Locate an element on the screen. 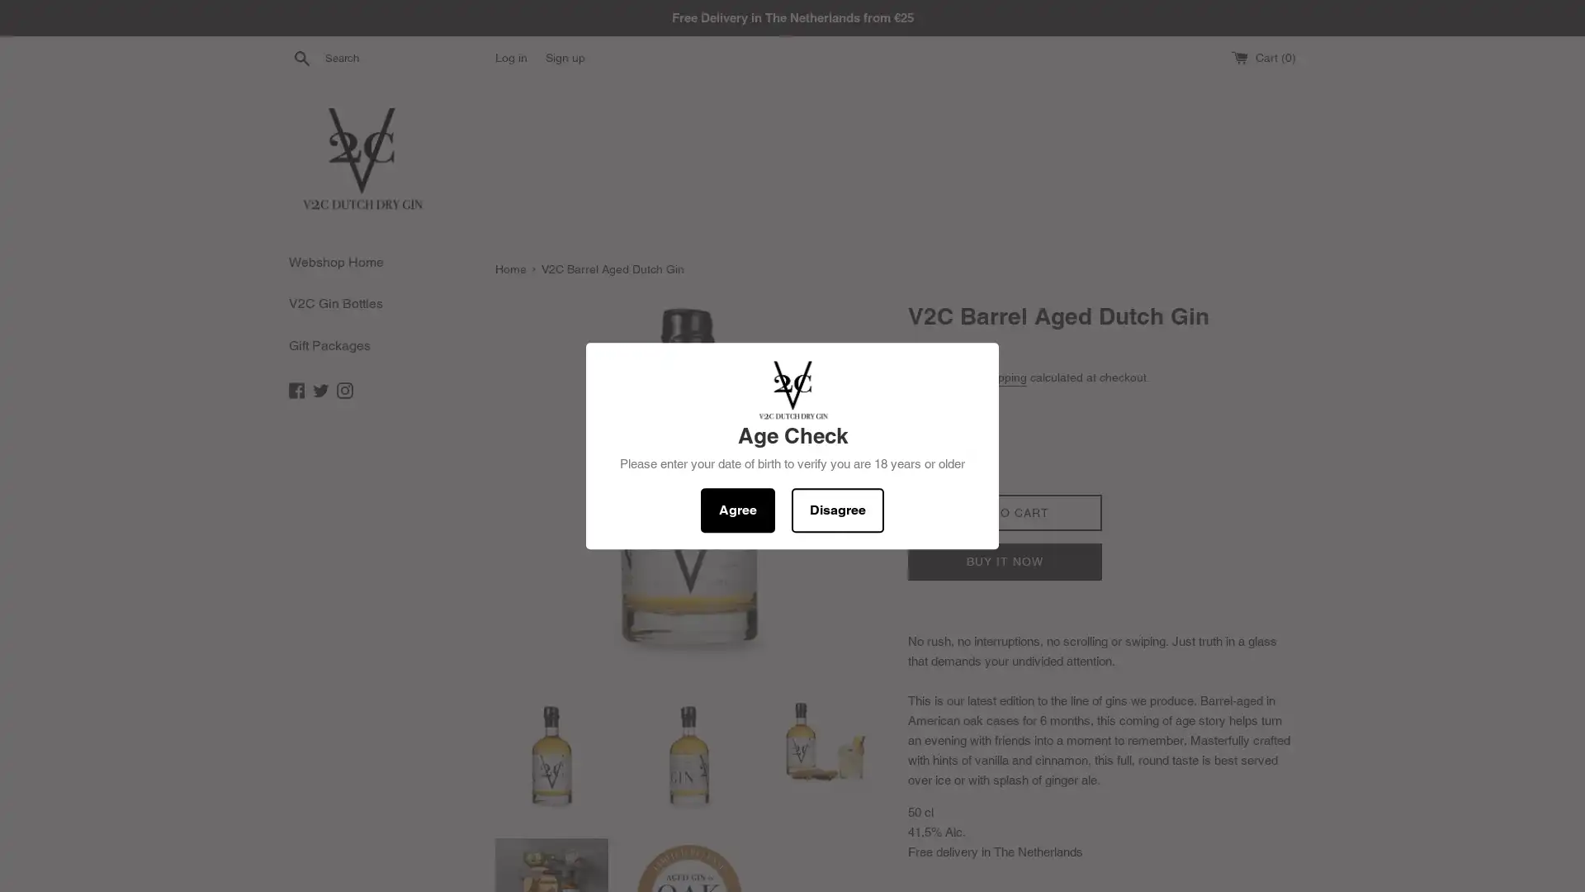  ADD TO CART is located at coordinates (1004, 511).